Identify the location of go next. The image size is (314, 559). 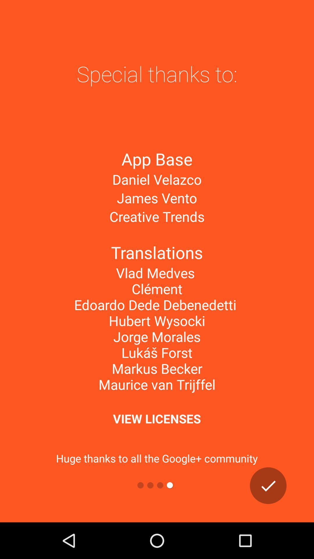
(268, 485).